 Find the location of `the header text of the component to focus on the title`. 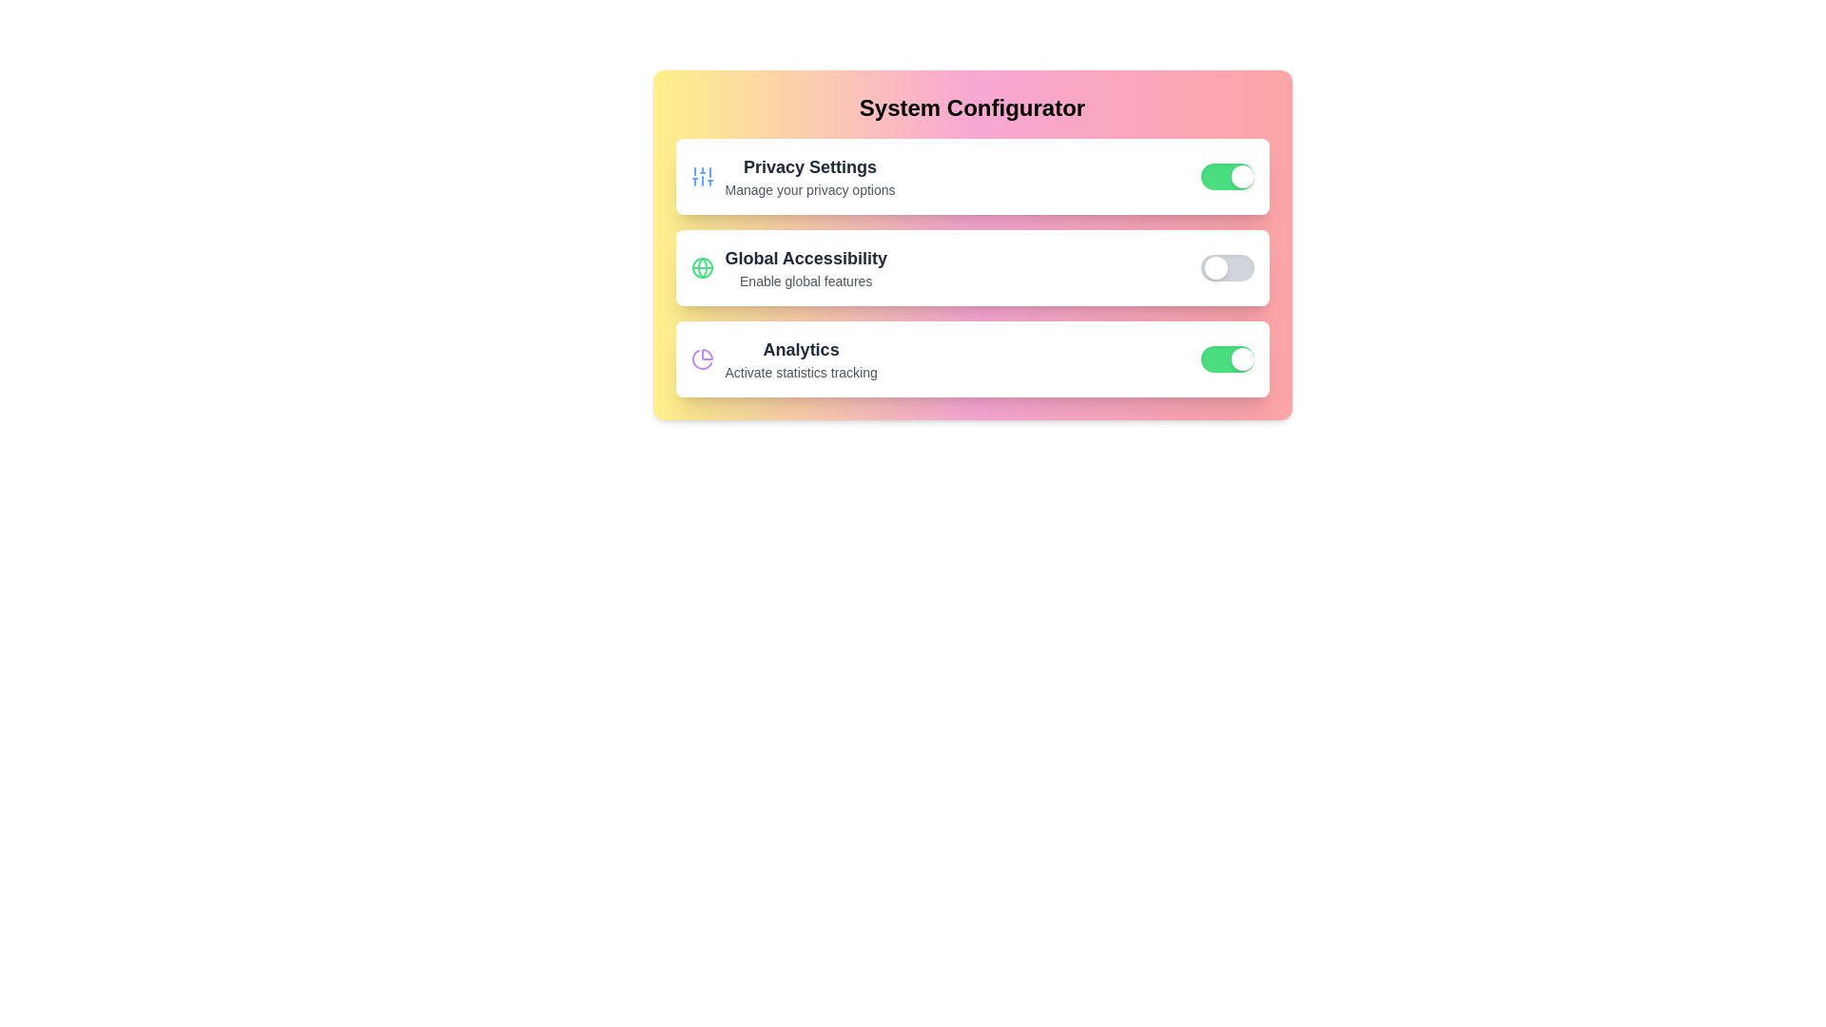

the header text of the component to focus on the title is located at coordinates (972, 108).